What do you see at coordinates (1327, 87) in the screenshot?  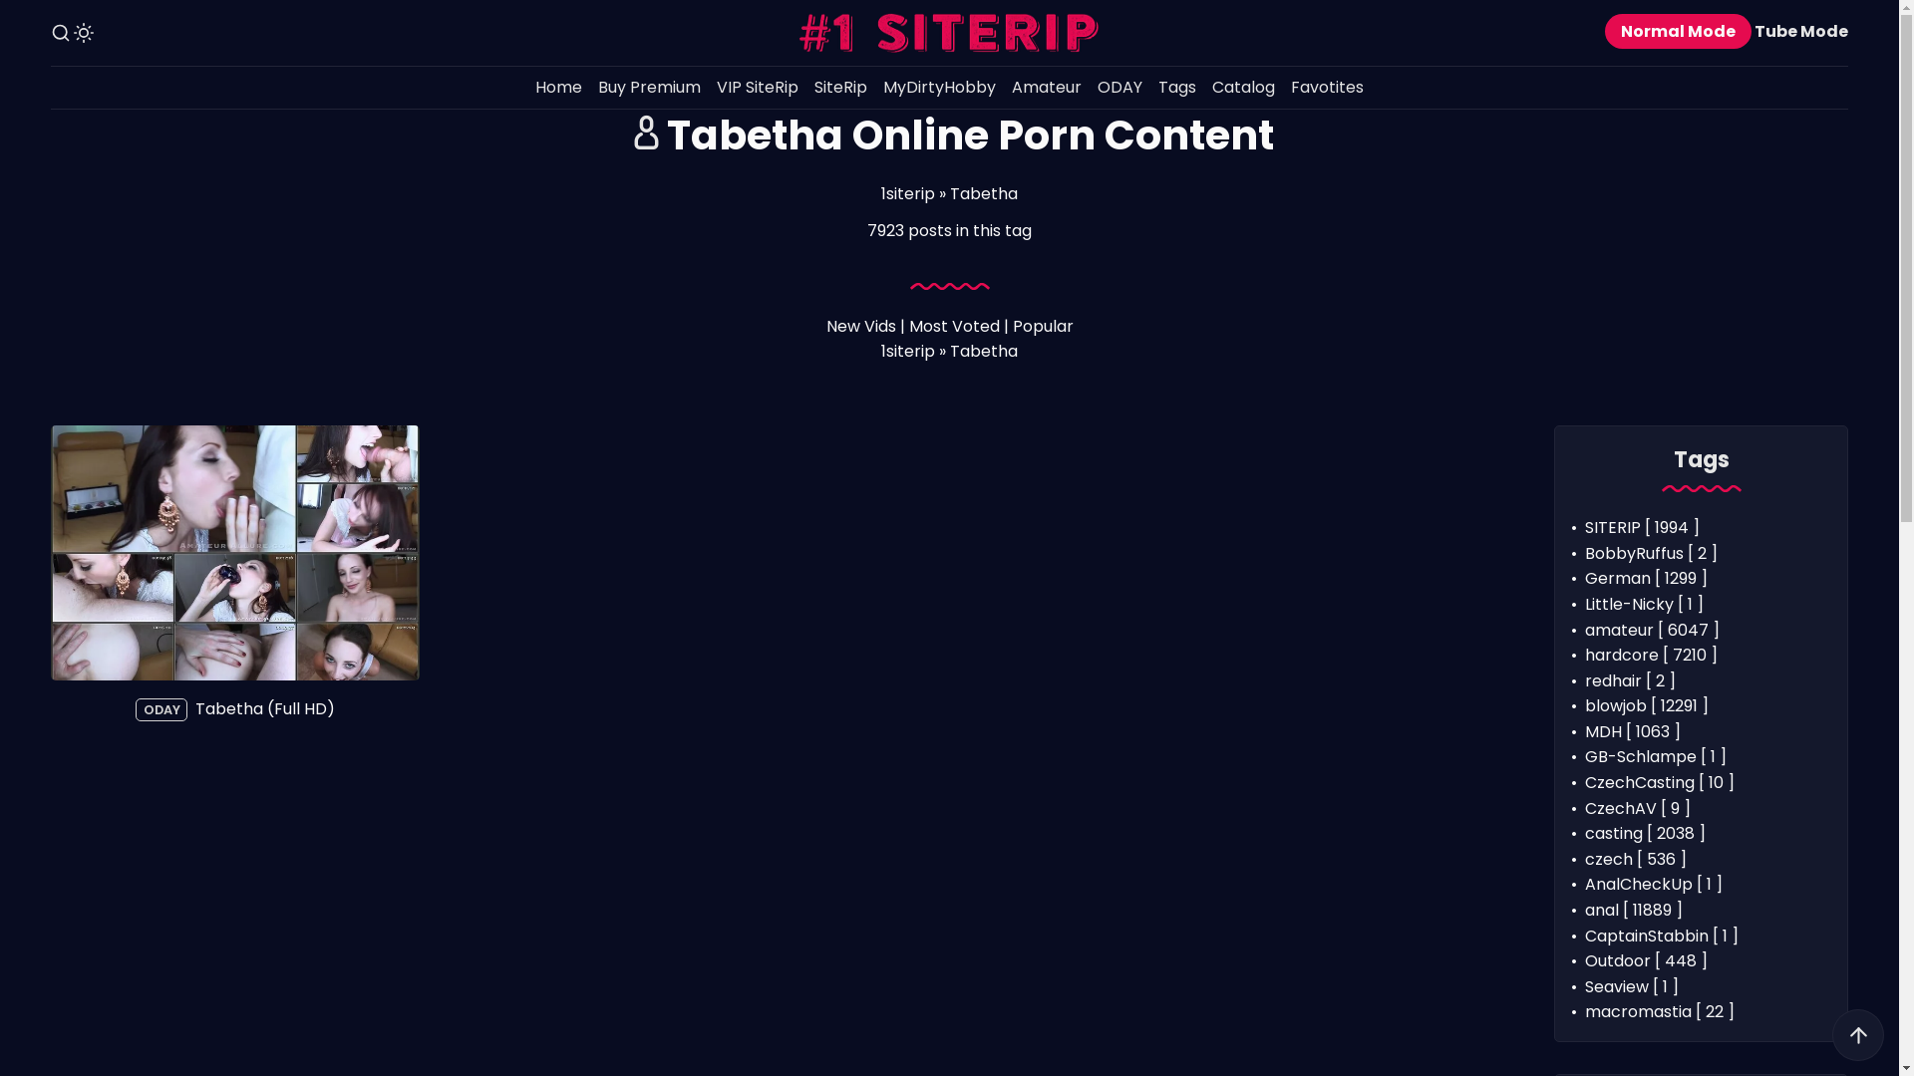 I see `'Favotites'` at bounding box center [1327, 87].